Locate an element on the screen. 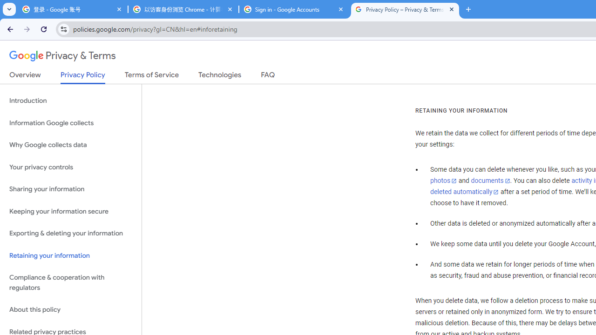 Image resolution: width=596 pixels, height=335 pixels. 'FAQ' is located at coordinates (268, 76).